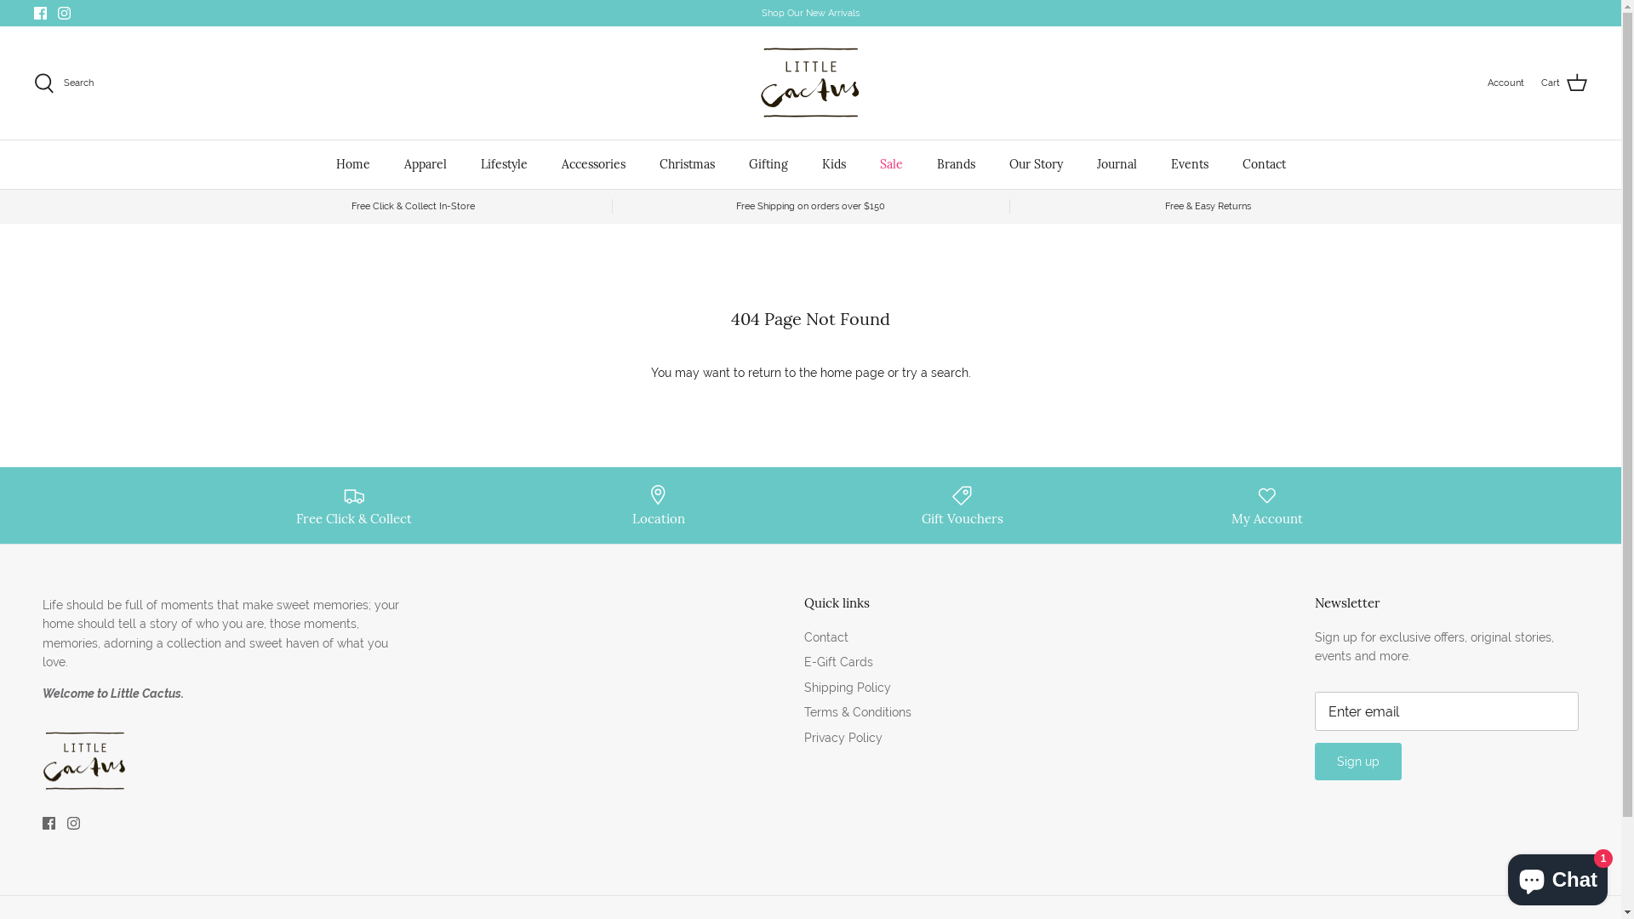 The image size is (1634, 919). I want to click on 'My Account', so click(1266, 505).